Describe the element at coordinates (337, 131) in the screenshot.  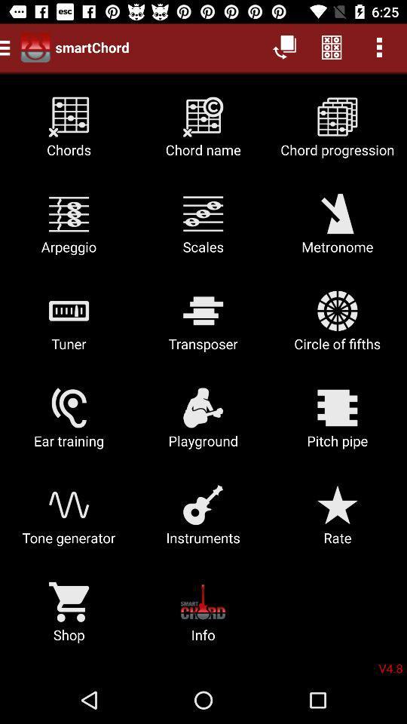
I see `the chord progression icon` at that location.